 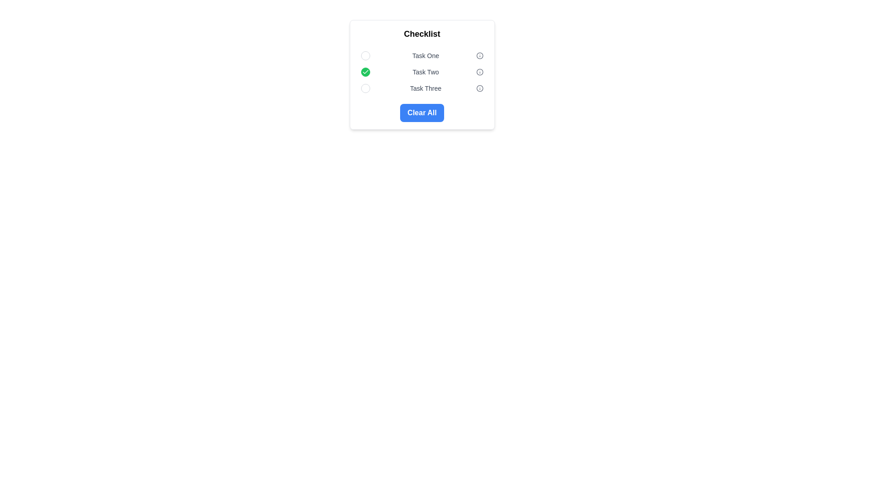 I want to click on the informational icon next to 'Task Three' in the checklist, so click(x=479, y=88).